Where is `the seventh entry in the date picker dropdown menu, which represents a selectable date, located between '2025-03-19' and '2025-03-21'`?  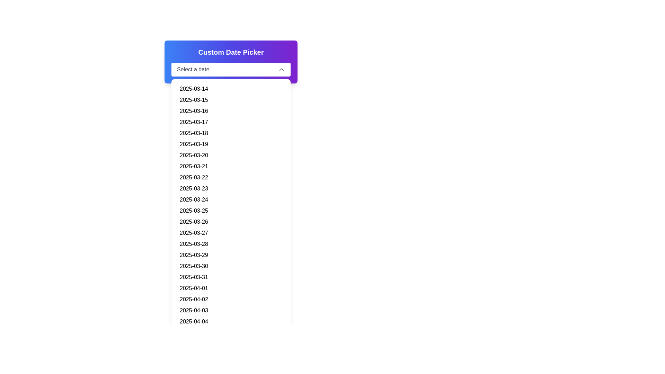
the seventh entry in the date picker dropdown menu, which represents a selectable date, located between '2025-03-19' and '2025-03-21' is located at coordinates (231, 155).